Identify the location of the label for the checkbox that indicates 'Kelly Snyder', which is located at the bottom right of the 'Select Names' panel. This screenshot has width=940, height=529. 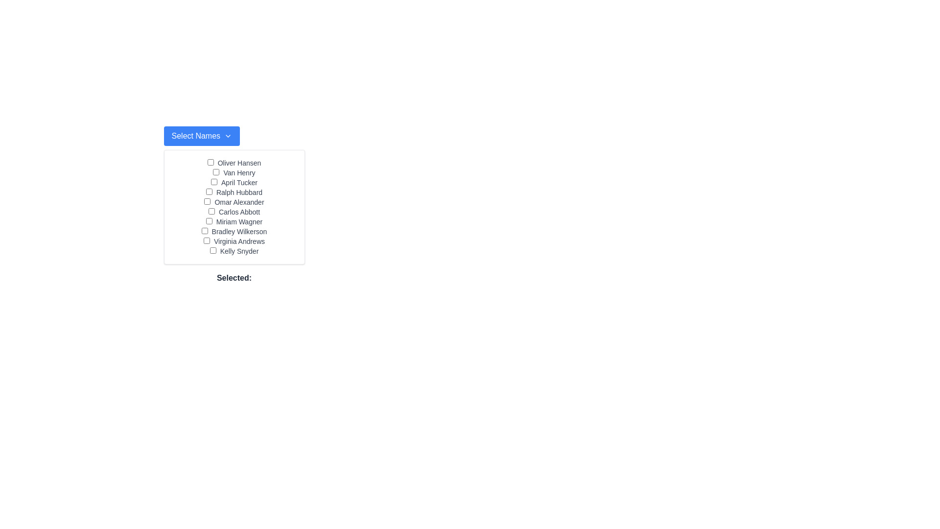
(234, 251).